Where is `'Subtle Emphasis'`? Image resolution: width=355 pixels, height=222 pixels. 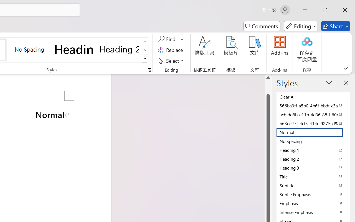
'Subtle Emphasis' is located at coordinates (313, 194).